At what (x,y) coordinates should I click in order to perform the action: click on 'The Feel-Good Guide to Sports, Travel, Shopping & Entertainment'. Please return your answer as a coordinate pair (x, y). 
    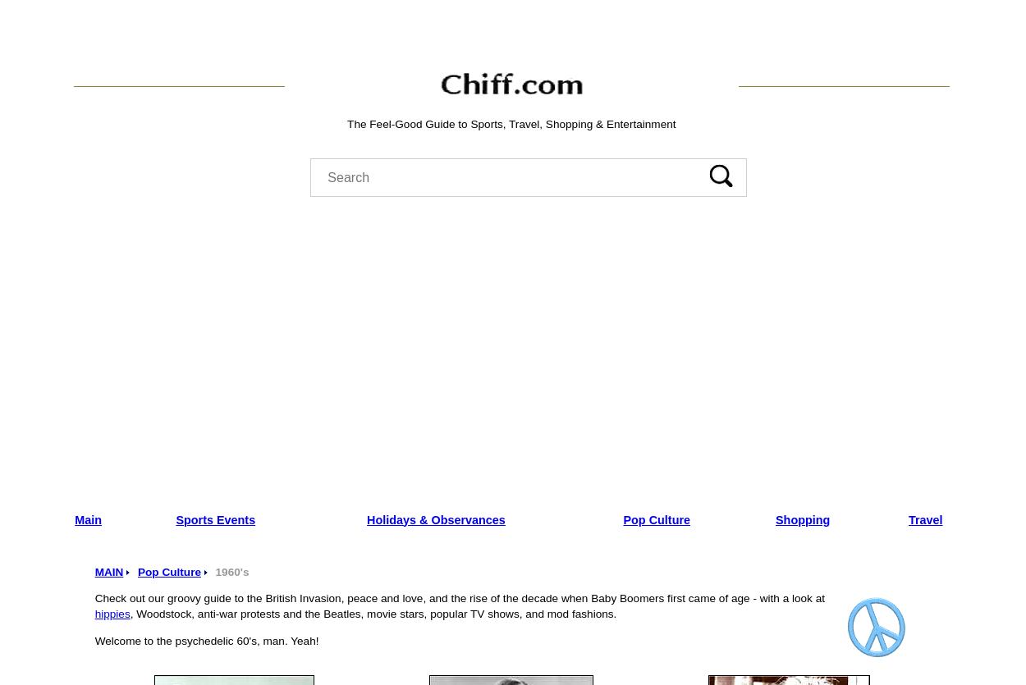
    Looking at the image, I should click on (511, 122).